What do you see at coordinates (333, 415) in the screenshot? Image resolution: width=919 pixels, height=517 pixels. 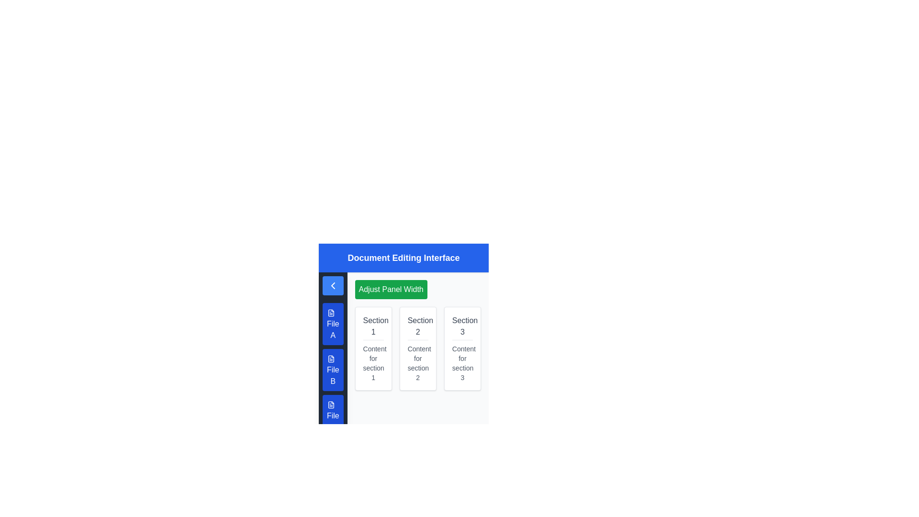 I see `the bottom-most button in the left-side panel that represents 'File C' to interact with it` at bounding box center [333, 415].